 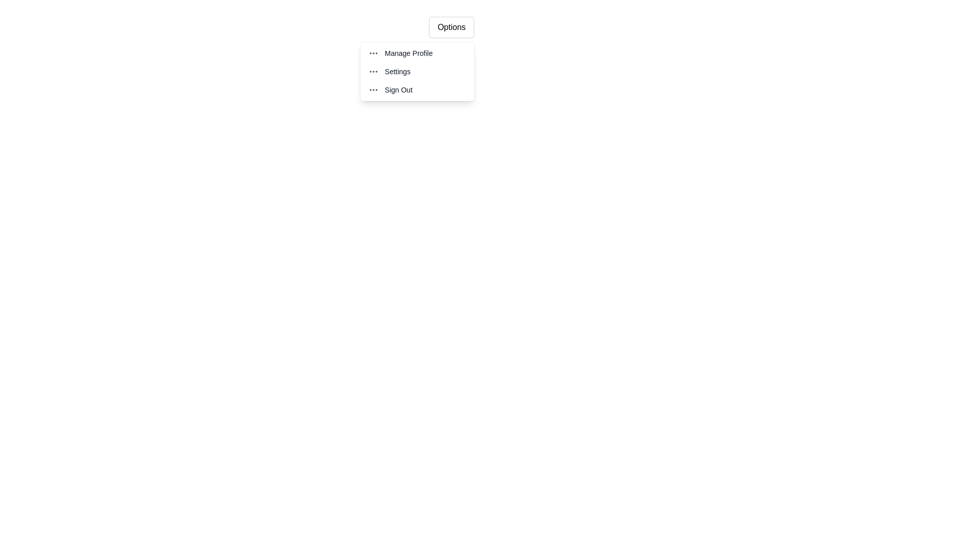 What do you see at coordinates (417, 71) in the screenshot?
I see `the second menu item in the vertical list` at bounding box center [417, 71].